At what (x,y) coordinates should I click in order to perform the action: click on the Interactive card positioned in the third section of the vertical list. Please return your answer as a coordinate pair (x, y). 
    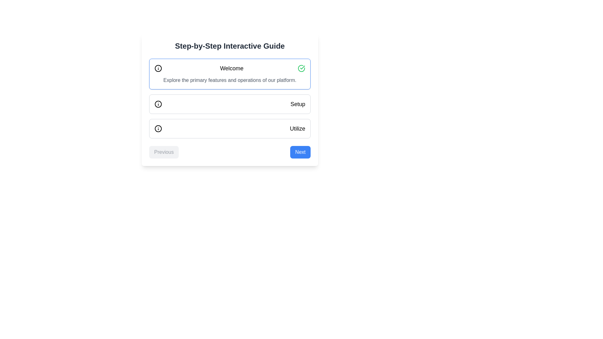
    Looking at the image, I should click on (229, 128).